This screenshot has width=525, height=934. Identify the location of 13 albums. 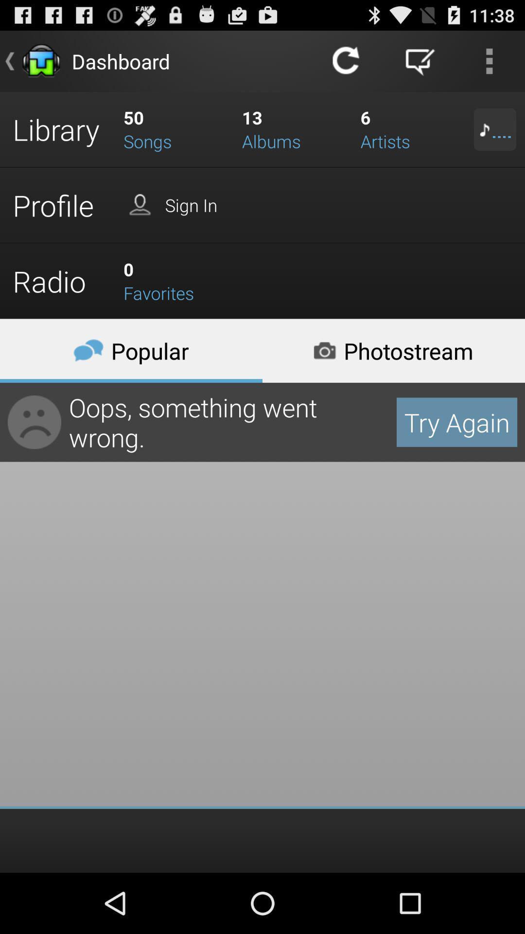
(294, 129).